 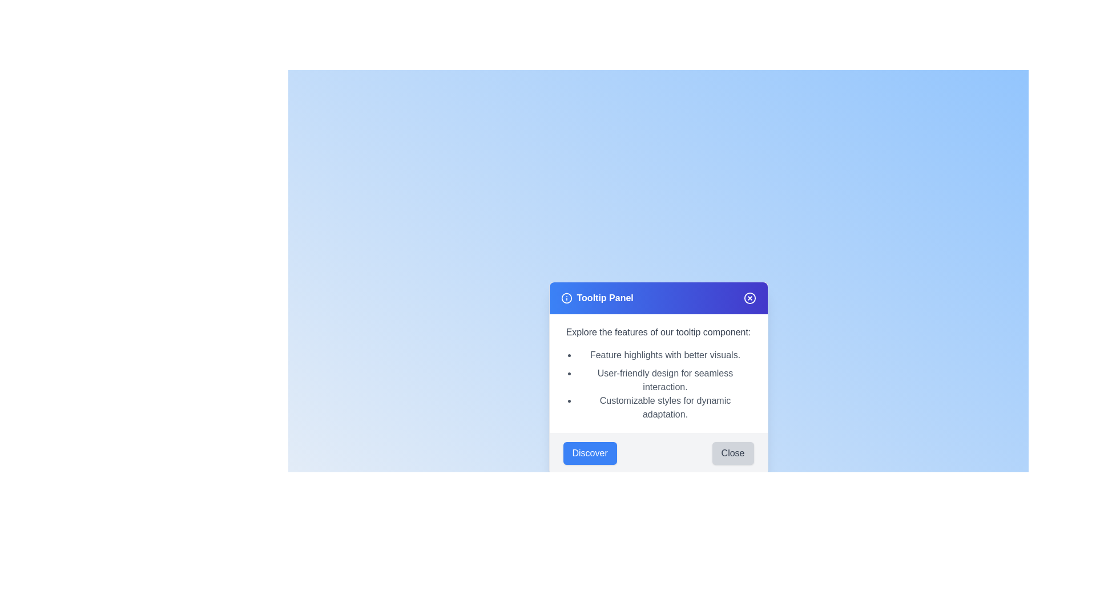 What do you see at coordinates (605, 298) in the screenshot?
I see `the 'Tooltip Panel' text label, which is styled in bold font and positioned in a blue header, centrally aligned horizontally with a circular icon on its left` at bounding box center [605, 298].